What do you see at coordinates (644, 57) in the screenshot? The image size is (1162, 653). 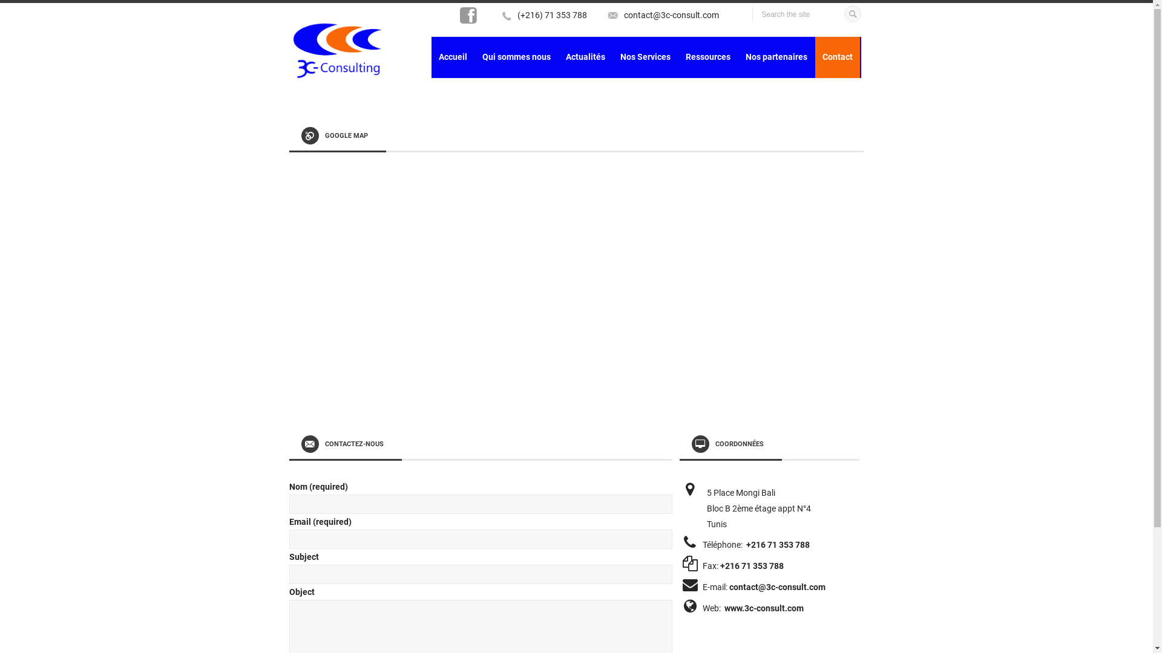 I see `'Nos Services'` at bounding box center [644, 57].